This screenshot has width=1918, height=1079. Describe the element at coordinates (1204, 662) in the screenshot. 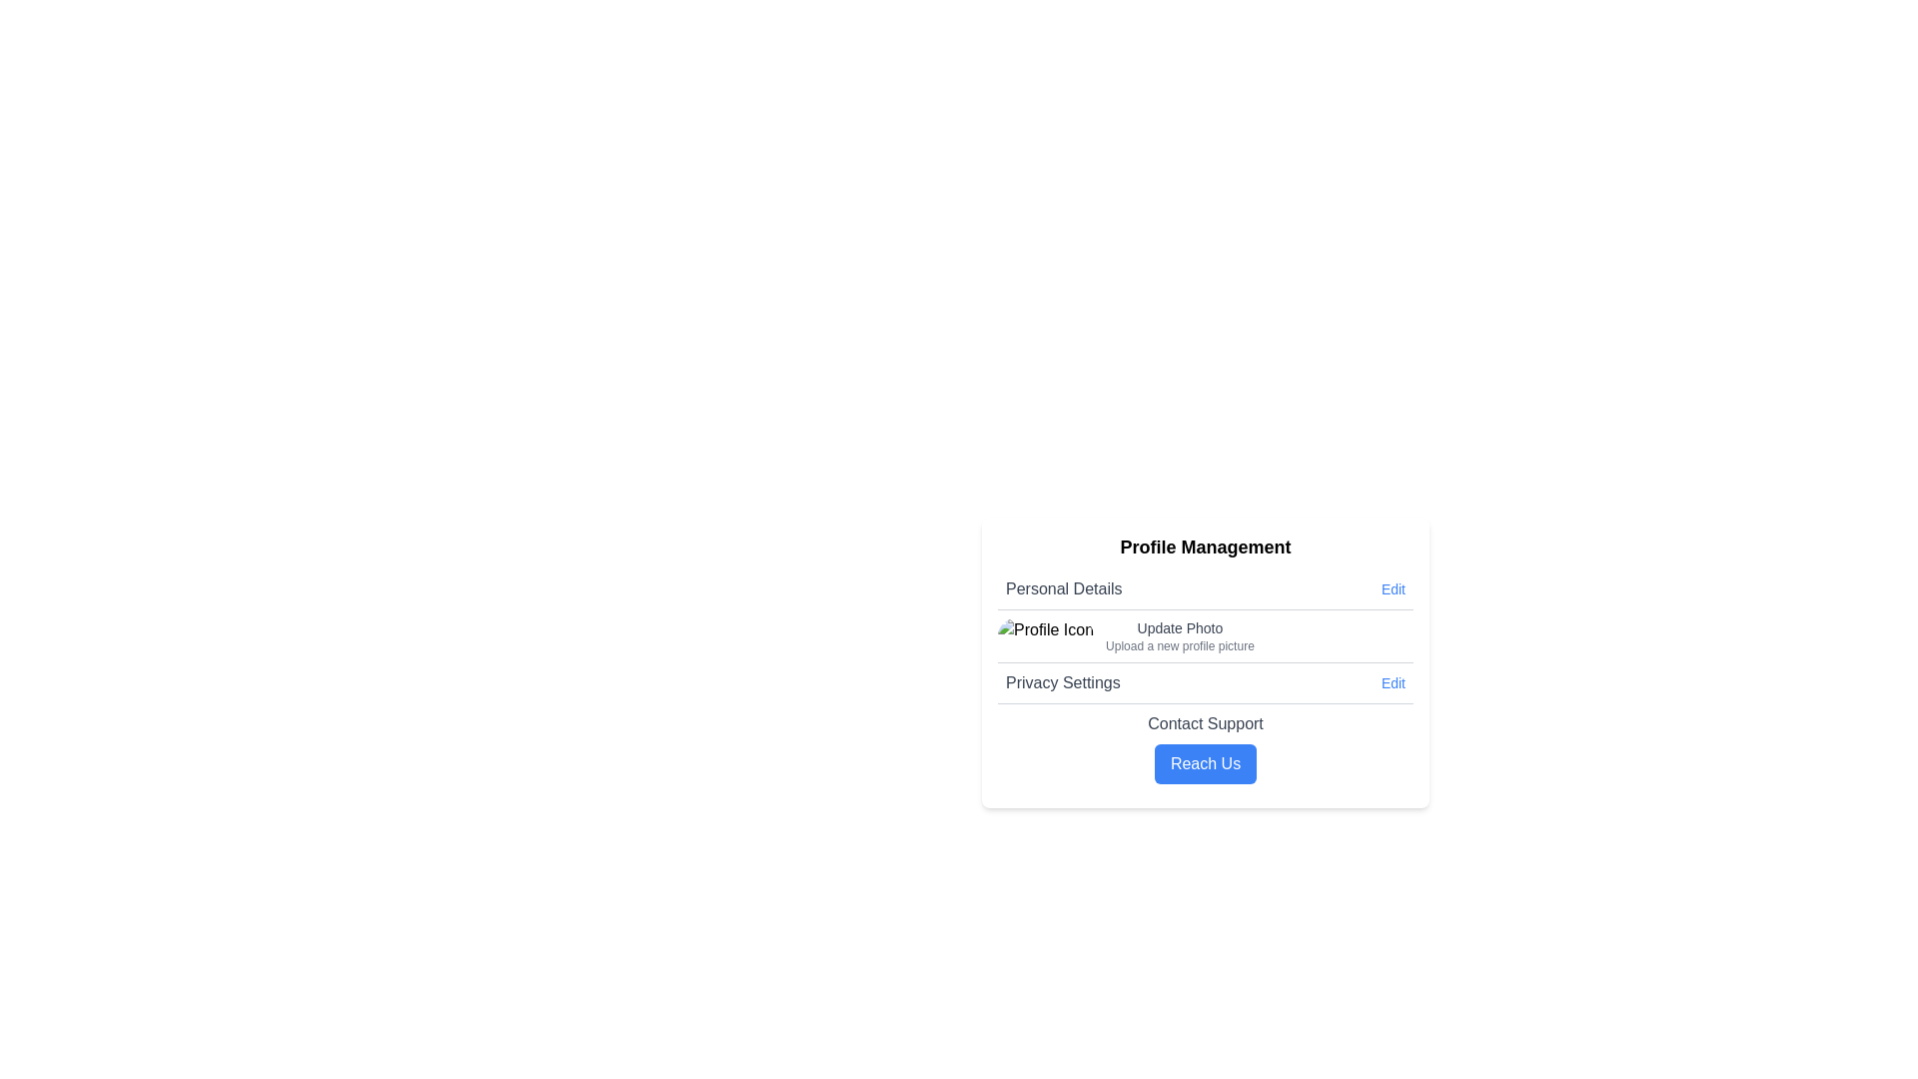

I see `the profile picture update button in the Profile Management Card UI section to update the profile picture` at that location.